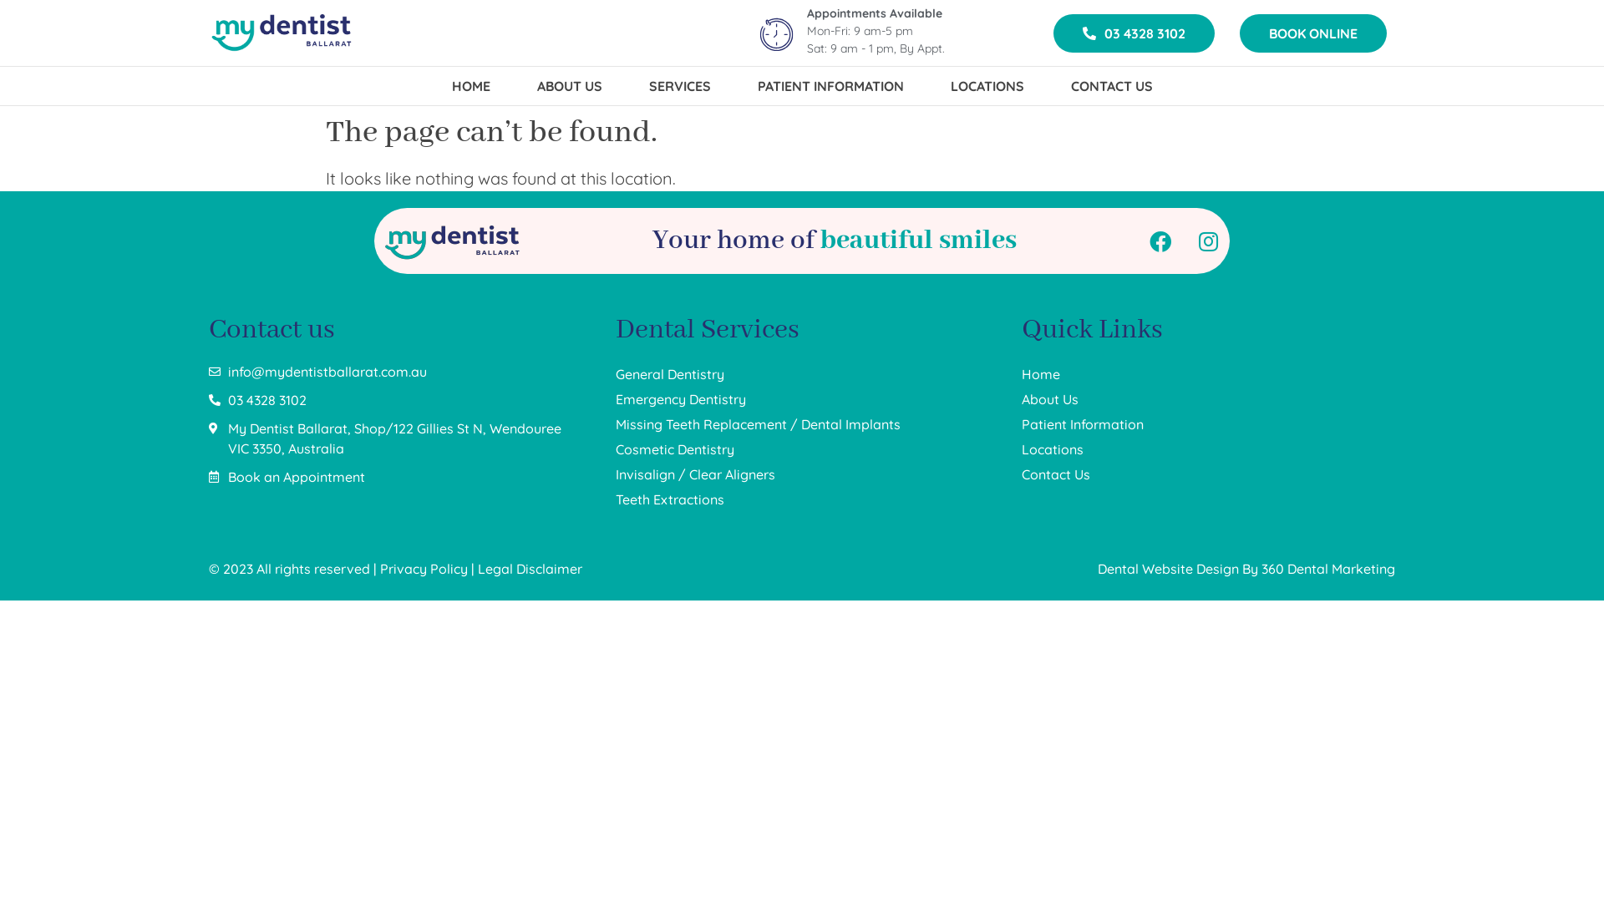  I want to click on 'LOCATIONS', so click(987, 86).